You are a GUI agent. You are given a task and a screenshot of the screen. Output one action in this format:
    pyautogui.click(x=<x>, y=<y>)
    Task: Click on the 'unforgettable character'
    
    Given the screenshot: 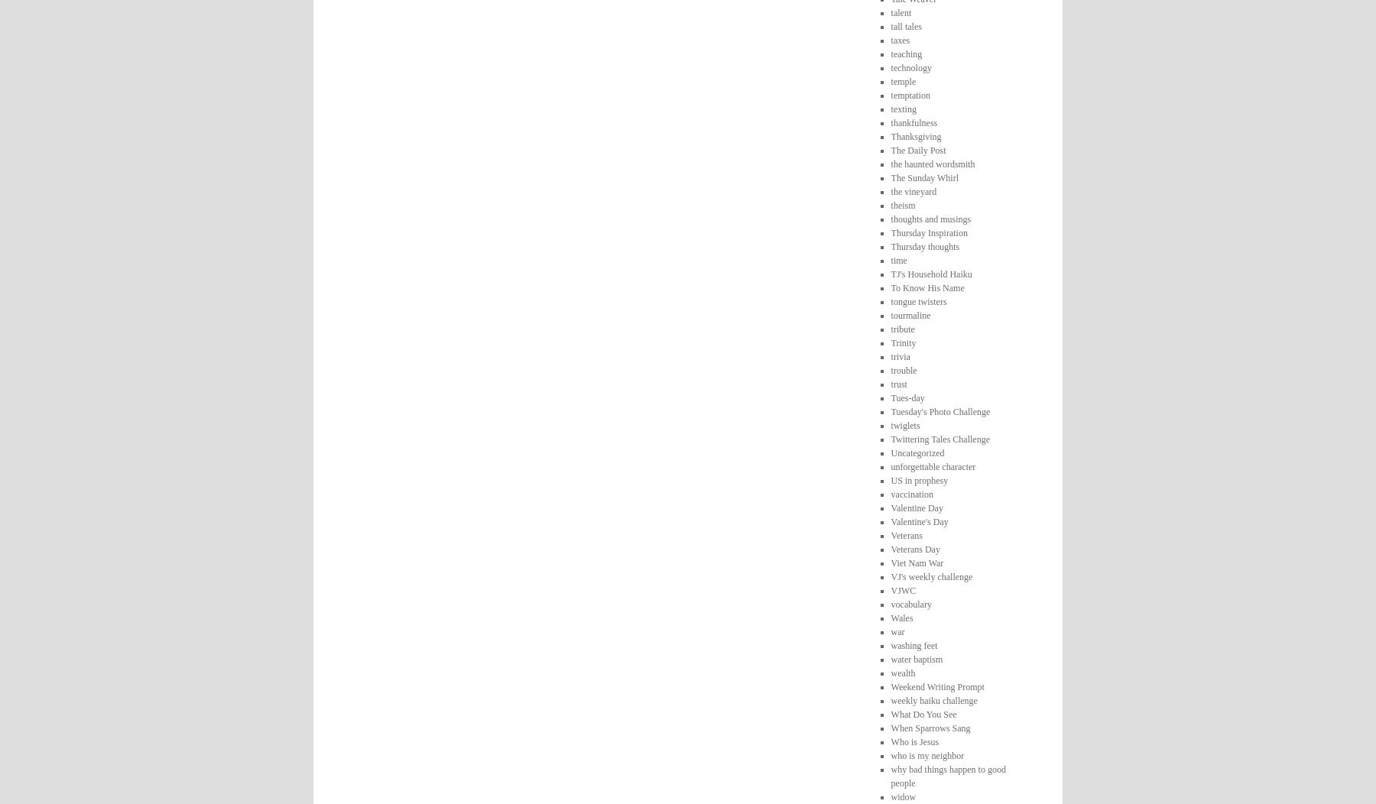 What is the action you would take?
    pyautogui.click(x=889, y=465)
    